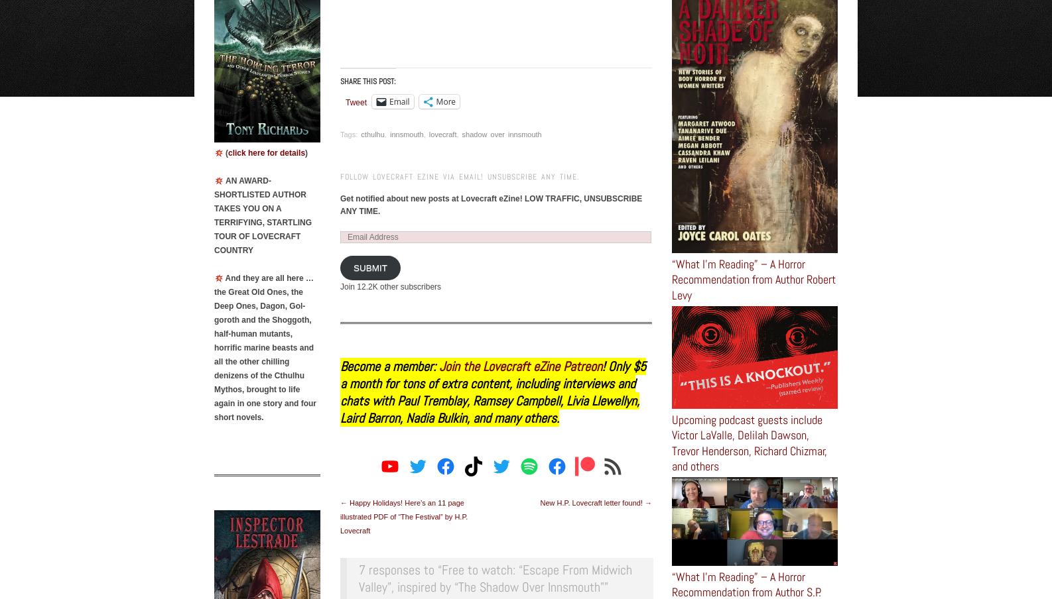 The width and height of the screenshot is (1052, 599). Describe the element at coordinates (367, 81) in the screenshot. I see `'SHARE THIS POST:'` at that location.